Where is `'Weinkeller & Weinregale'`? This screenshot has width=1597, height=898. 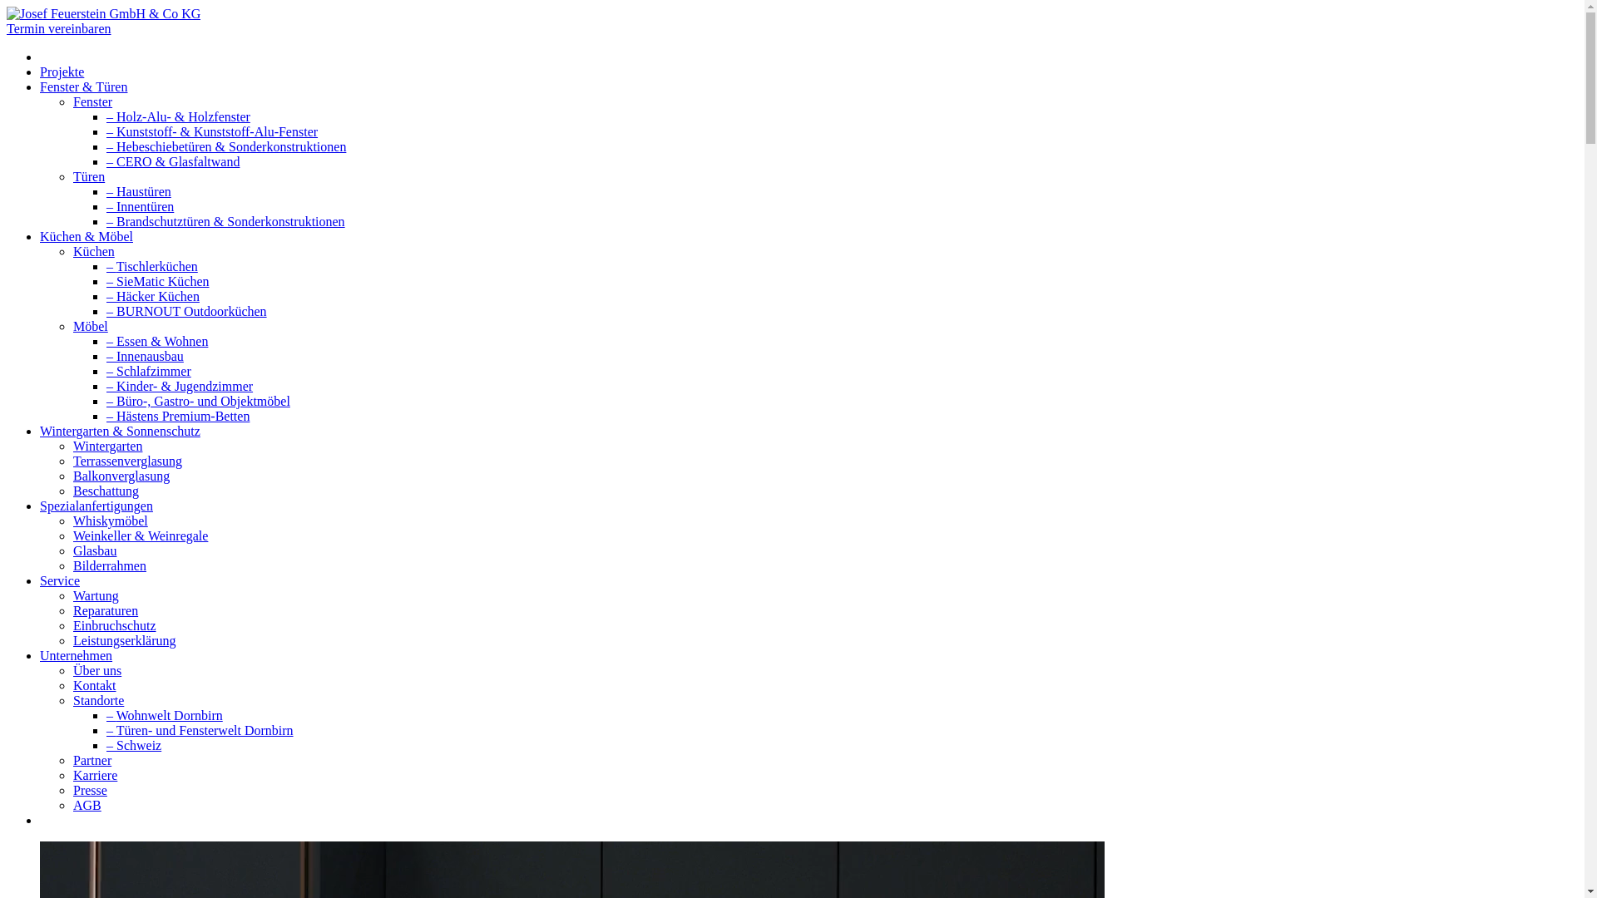 'Weinkeller & Weinregale' is located at coordinates (140, 535).